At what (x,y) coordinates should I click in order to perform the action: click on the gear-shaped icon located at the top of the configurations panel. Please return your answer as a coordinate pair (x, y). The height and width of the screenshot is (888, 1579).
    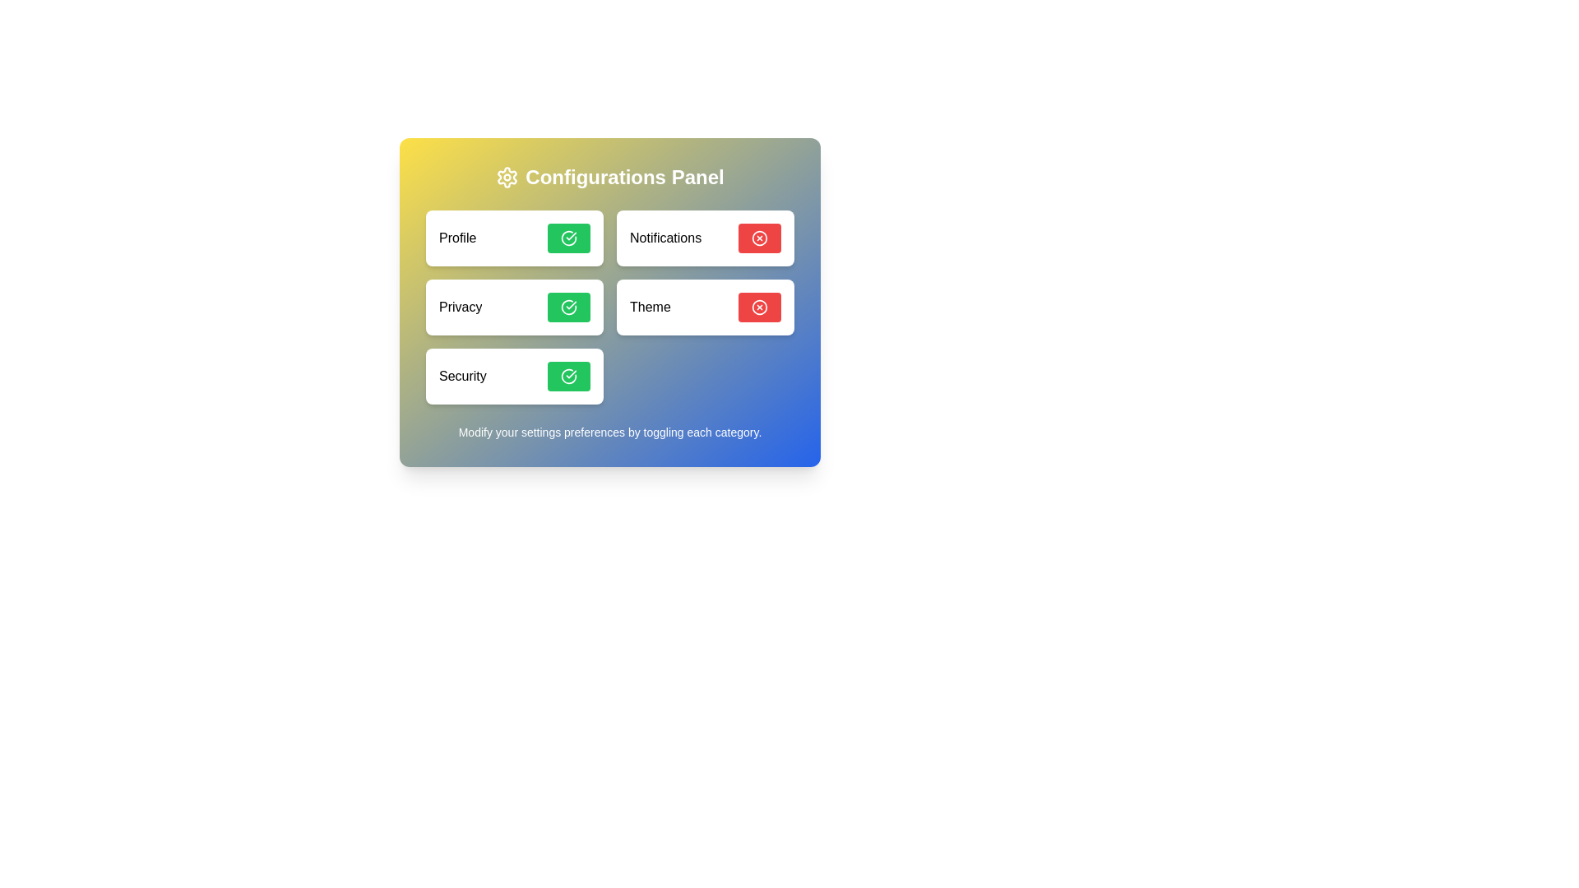
    Looking at the image, I should click on (507, 178).